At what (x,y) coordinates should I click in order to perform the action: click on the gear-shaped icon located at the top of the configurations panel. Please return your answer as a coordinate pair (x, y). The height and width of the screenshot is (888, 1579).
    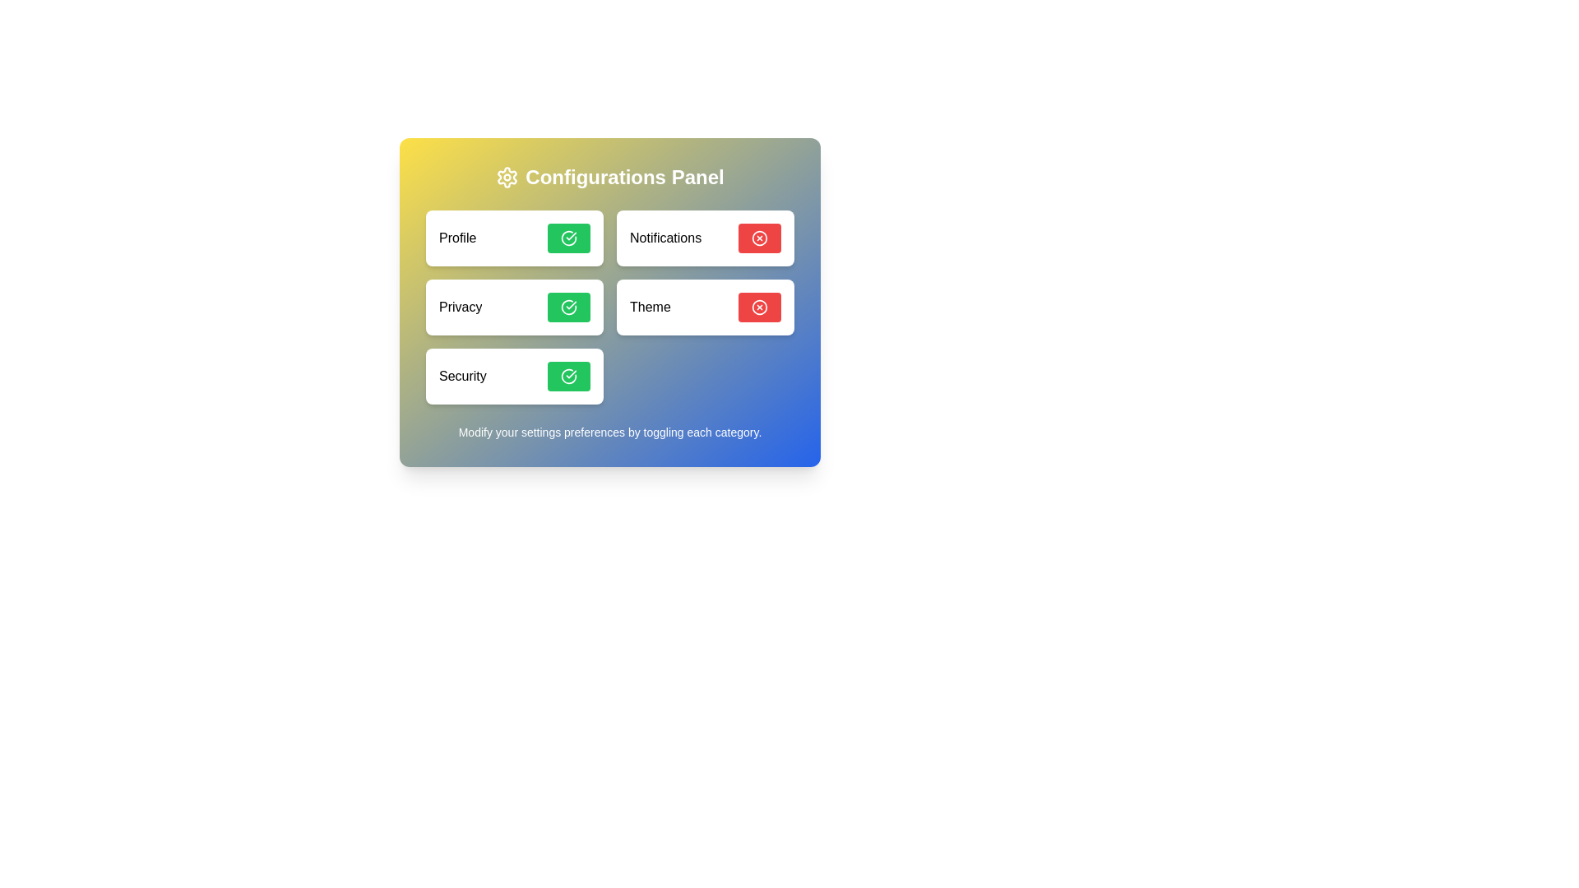
    Looking at the image, I should click on (507, 178).